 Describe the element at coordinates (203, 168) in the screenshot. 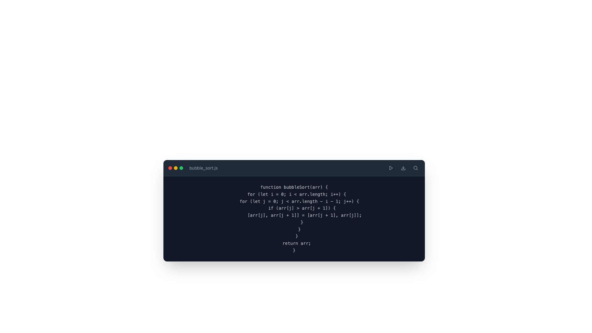

I see `text label displaying 'bubble_sort.js' located in the top left corner of the code editor interface, beside the colored dots` at that location.